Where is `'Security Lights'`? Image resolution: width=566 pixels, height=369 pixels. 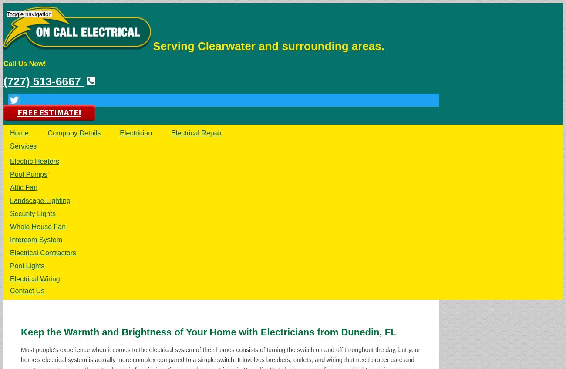 'Security Lights' is located at coordinates (33, 213).